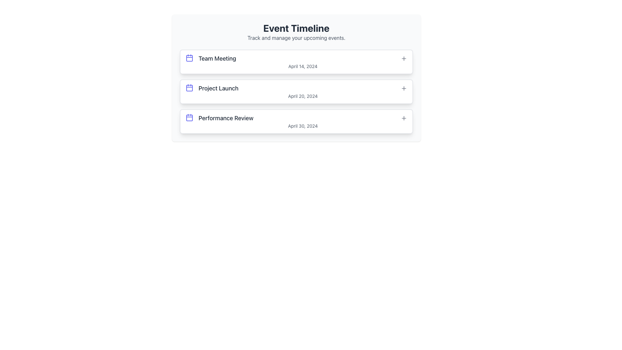 This screenshot has width=622, height=350. I want to click on text content of the Text Display Element which shows the event title 'Project Launch' and the scheduled date 'April 20, 2024.', so click(303, 91).